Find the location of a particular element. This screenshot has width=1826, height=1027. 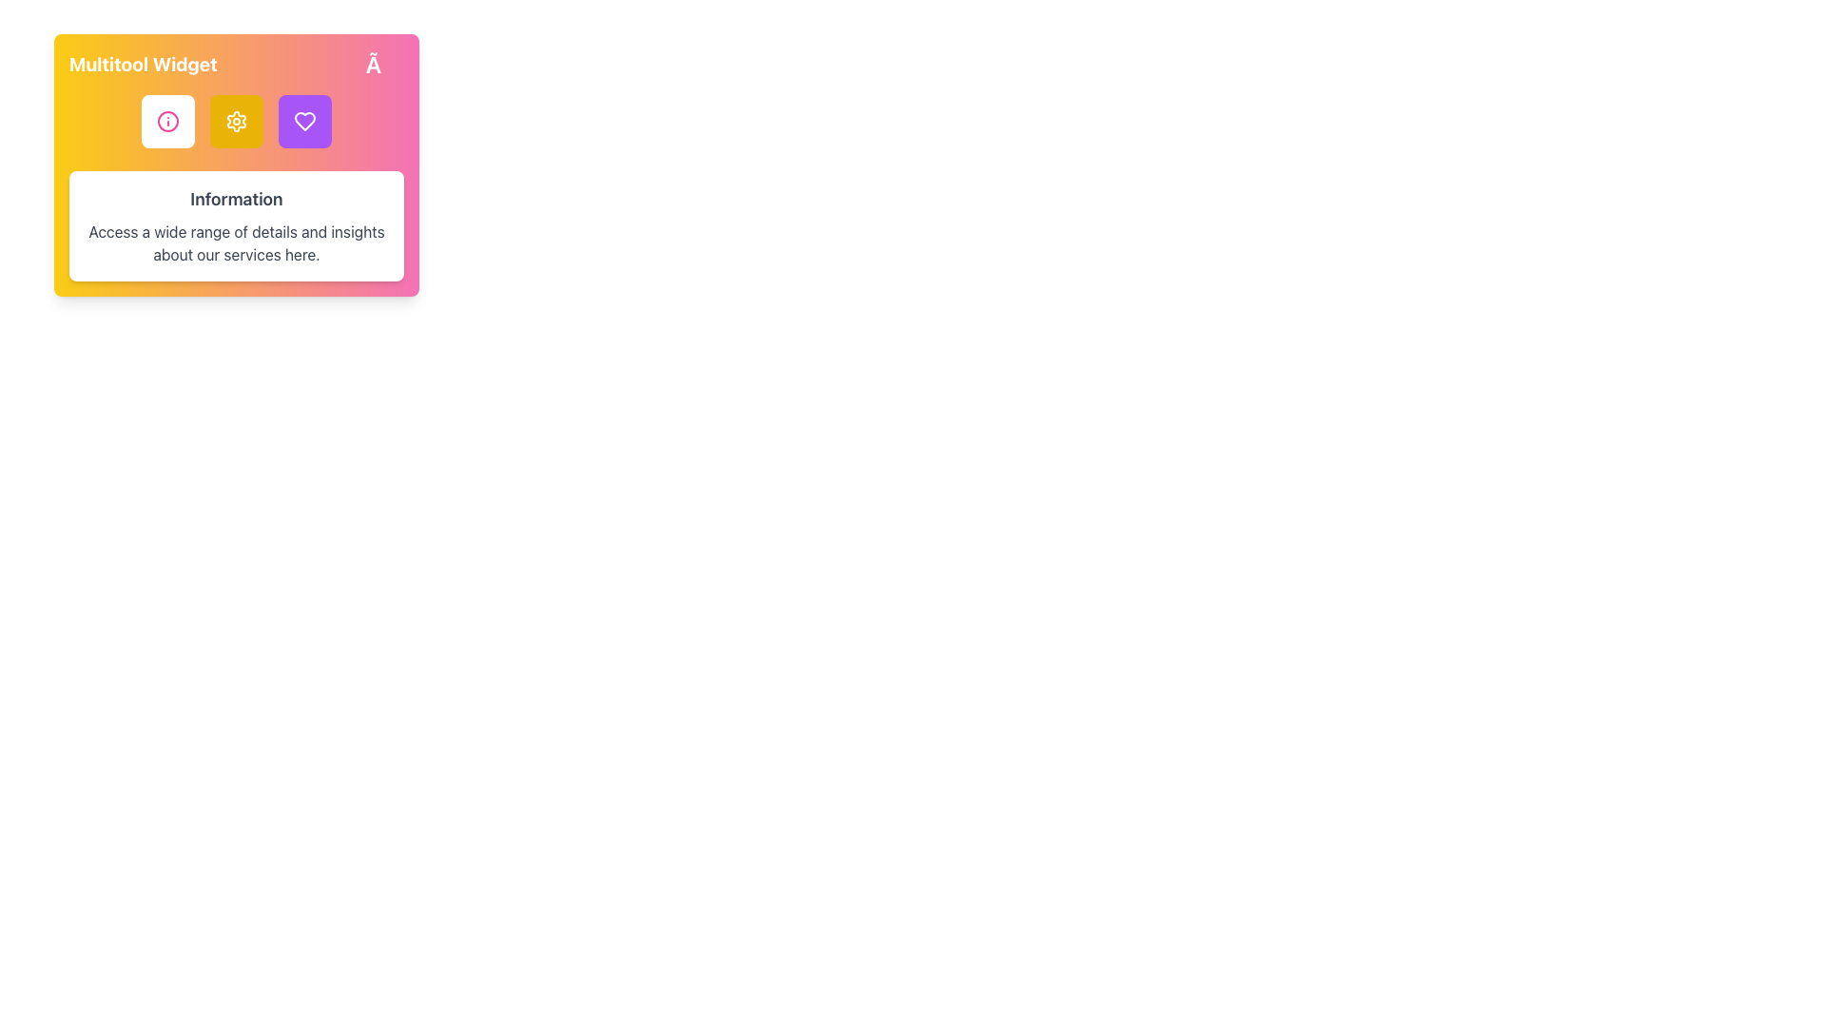

the heart-shaped button with a purple background is located at coordinates (305, 121).